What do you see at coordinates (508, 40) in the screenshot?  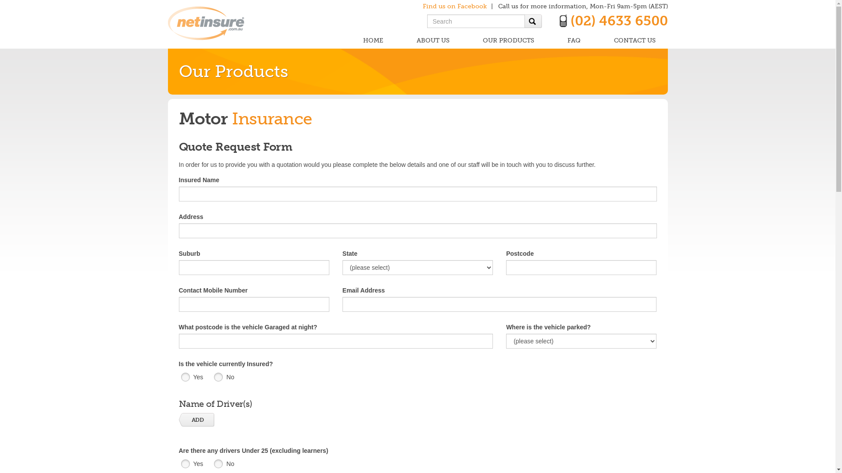 I see `'OUR PRODUCTS'` at bounding box center [508, 40].